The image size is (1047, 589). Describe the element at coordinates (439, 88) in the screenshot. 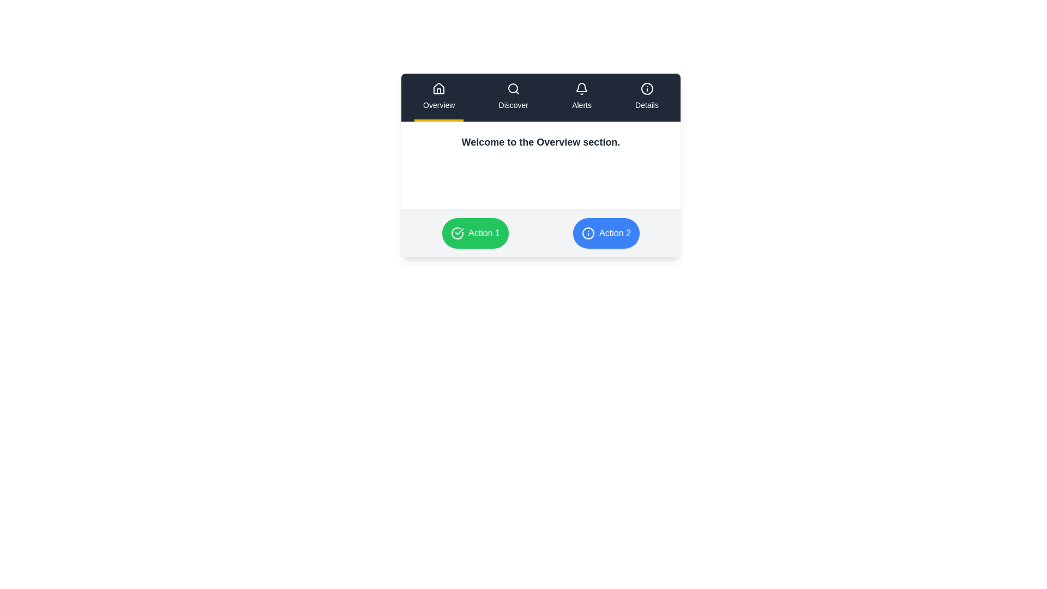

I see `the 'Overview' icon located at the top-left corner of the navigation menu bar, which visually represents the 'Overview' section of the application` at that location.